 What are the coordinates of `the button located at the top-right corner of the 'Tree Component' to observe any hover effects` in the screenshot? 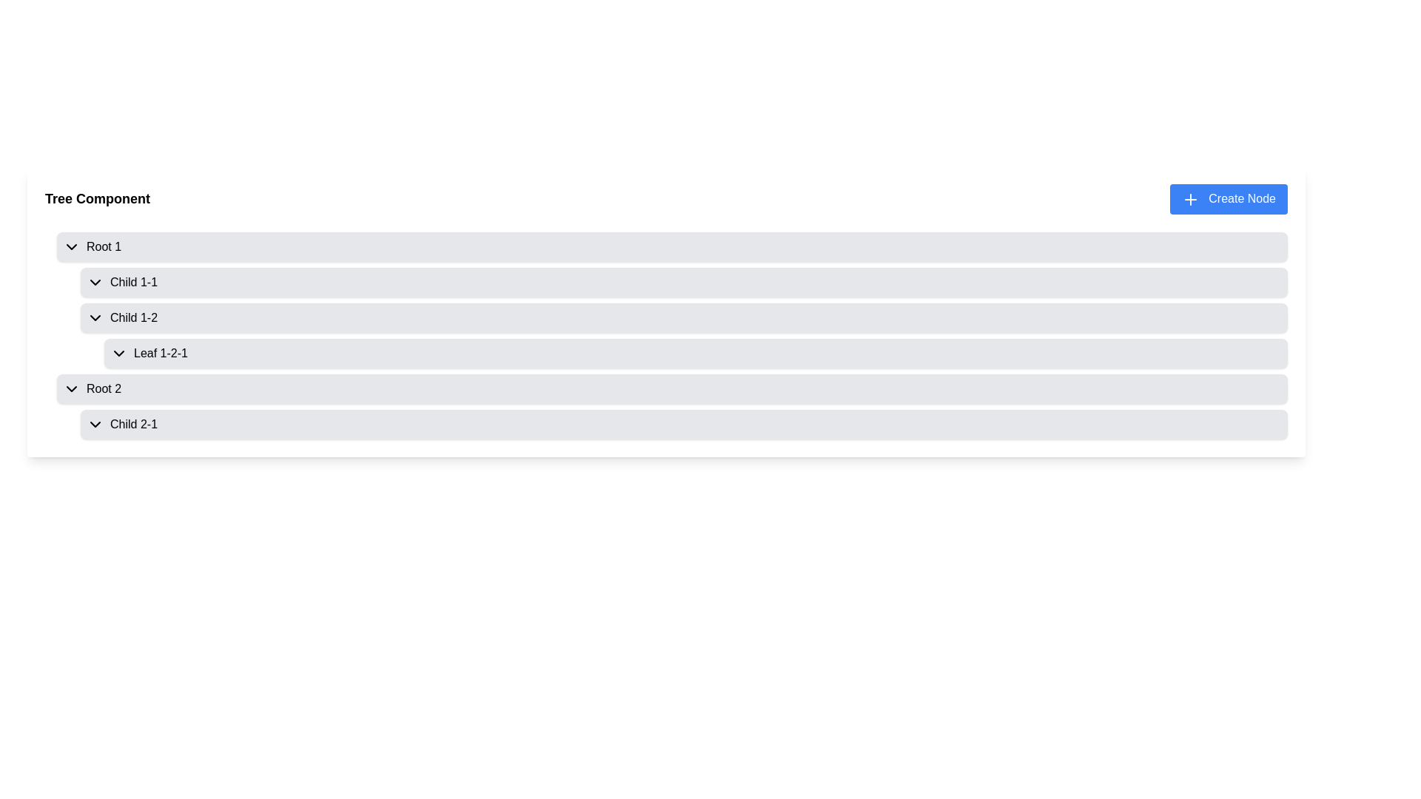 It's located at (1229, 198).